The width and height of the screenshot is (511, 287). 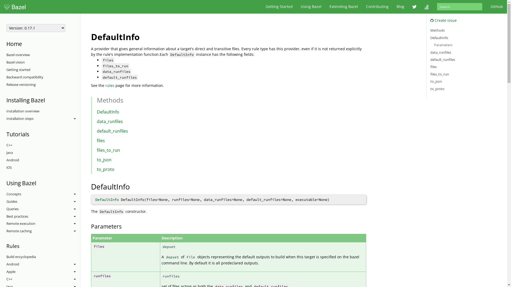 I want to click on 'Release versioning', so click(x=43, y=85).